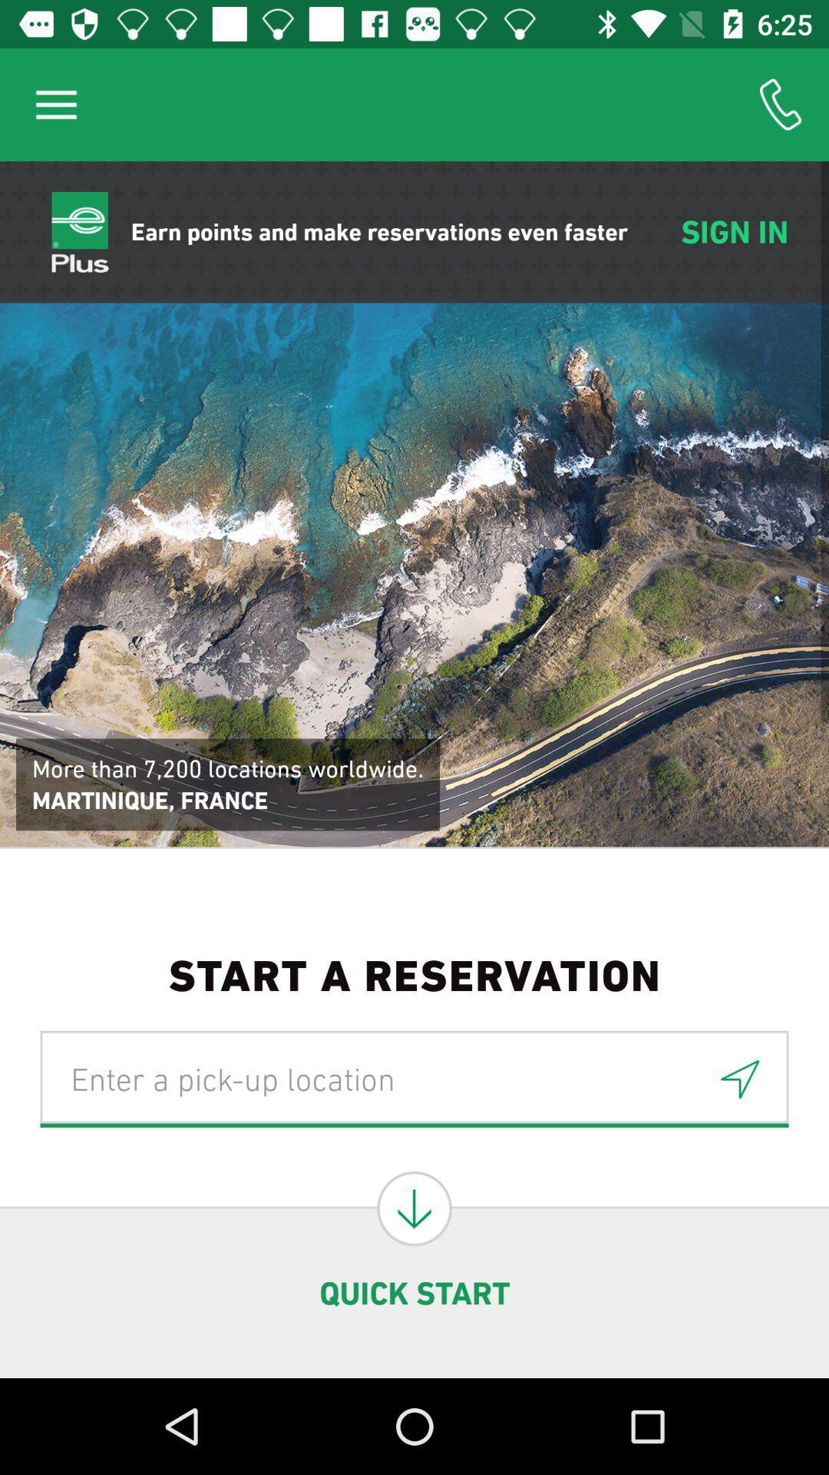  Describe the element at coordinates (739, 1078) in the screenshot. I see `current location` at that location.